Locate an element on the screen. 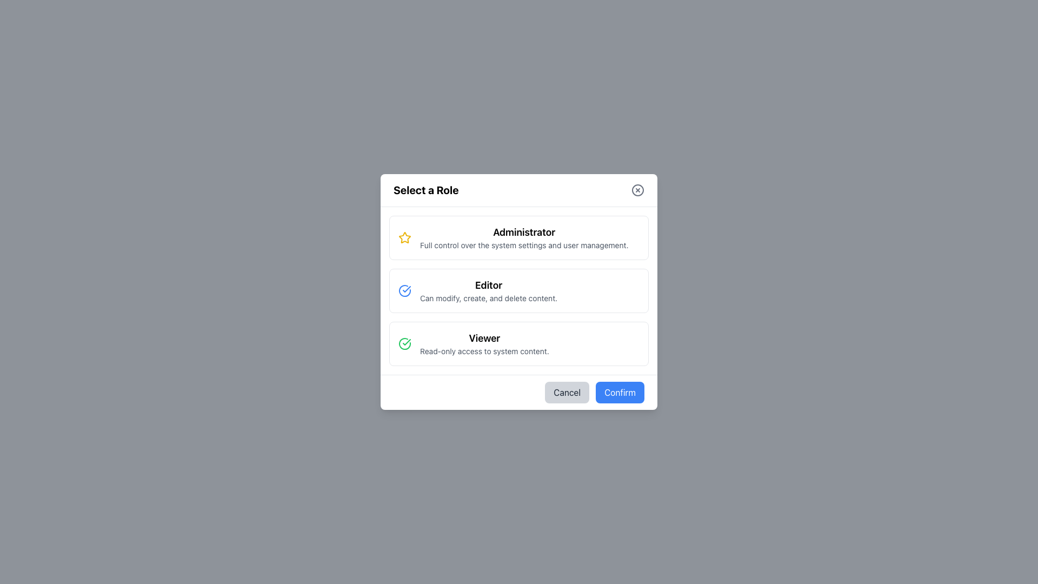 This screenshot has width=1038, height=584. the 'Viewer' role option in the 'Select a Role' modal, which is the third choice in a vertical list and positioned above the 'Cancel' and 'Confirm' buttons is located at coordinates (484, 344).